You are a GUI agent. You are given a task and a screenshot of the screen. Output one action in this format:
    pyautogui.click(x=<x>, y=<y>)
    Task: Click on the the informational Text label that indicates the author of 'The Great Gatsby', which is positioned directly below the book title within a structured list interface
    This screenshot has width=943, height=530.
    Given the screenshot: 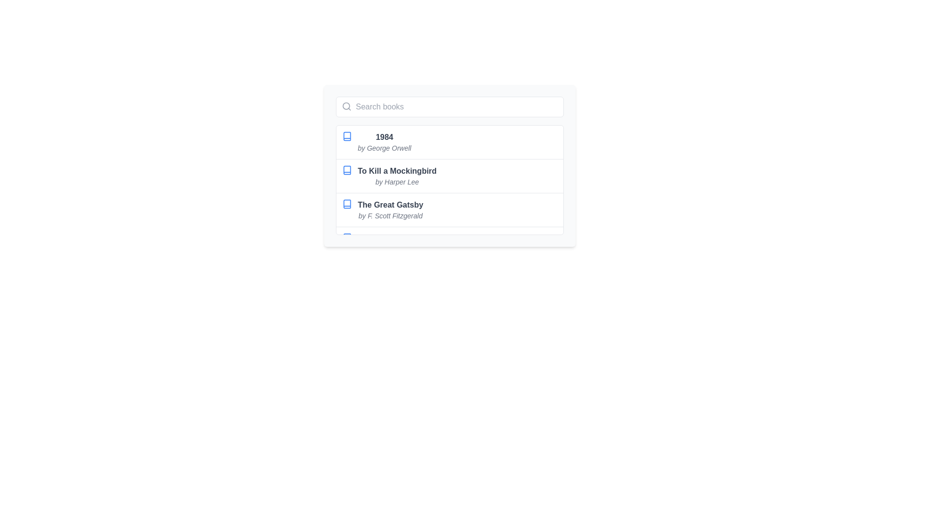 What is the action you would take?
    pyautogui.click(x=390, y=215)
    